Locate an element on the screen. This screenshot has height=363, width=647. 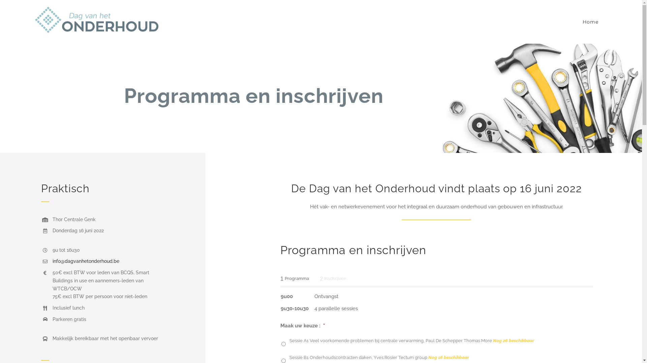
'info@dagvanhetonderhoud.be' is located at coordinates (52, 260).